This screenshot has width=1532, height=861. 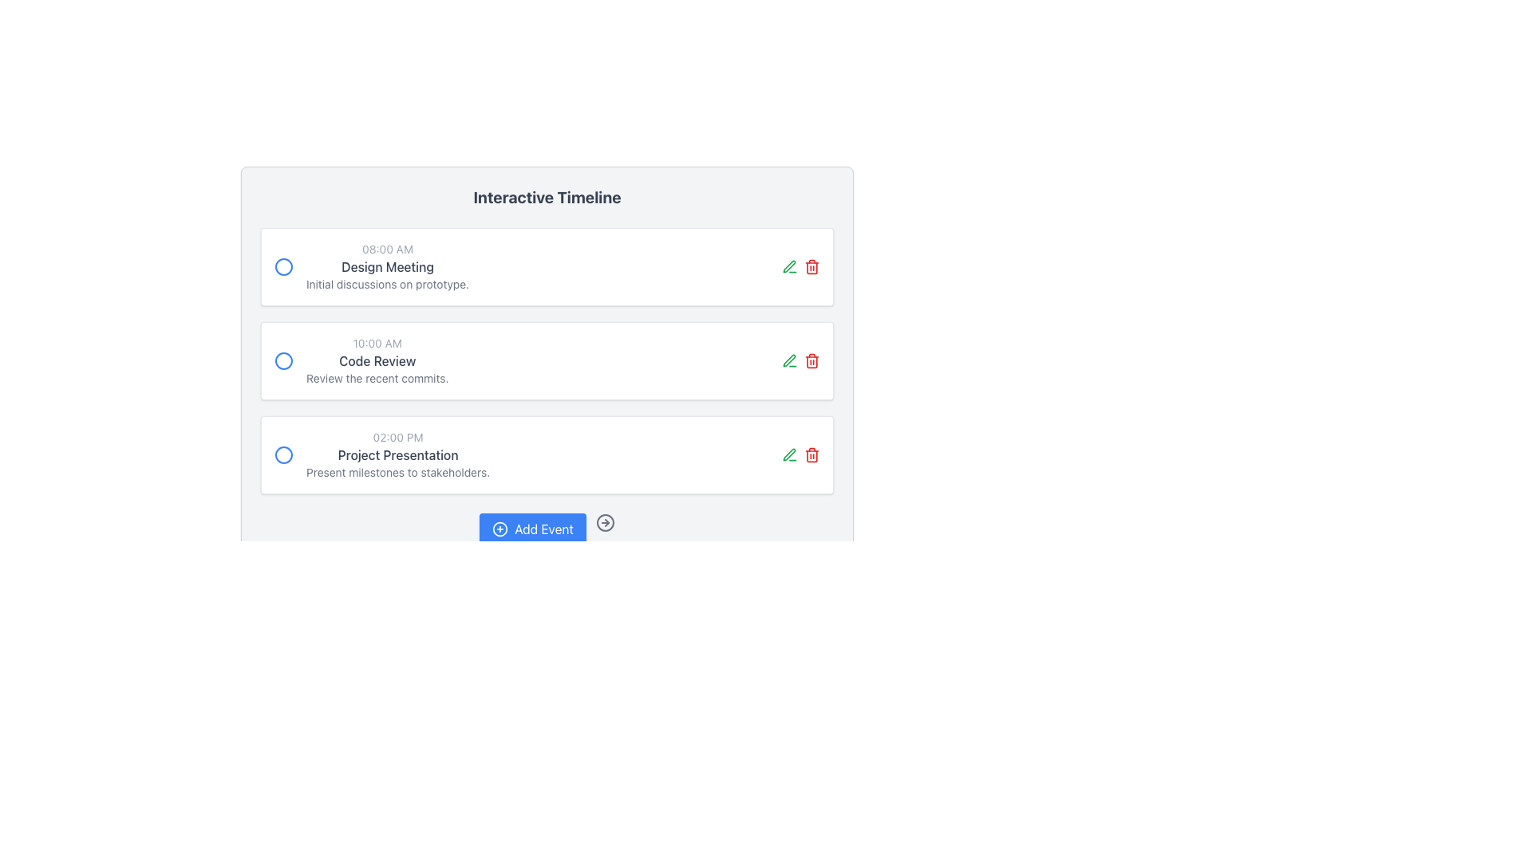 I want to click on the green pencil icon button located to the right of the 'Code Review' event description in the interactive timeline, so click(x=789, y=265).